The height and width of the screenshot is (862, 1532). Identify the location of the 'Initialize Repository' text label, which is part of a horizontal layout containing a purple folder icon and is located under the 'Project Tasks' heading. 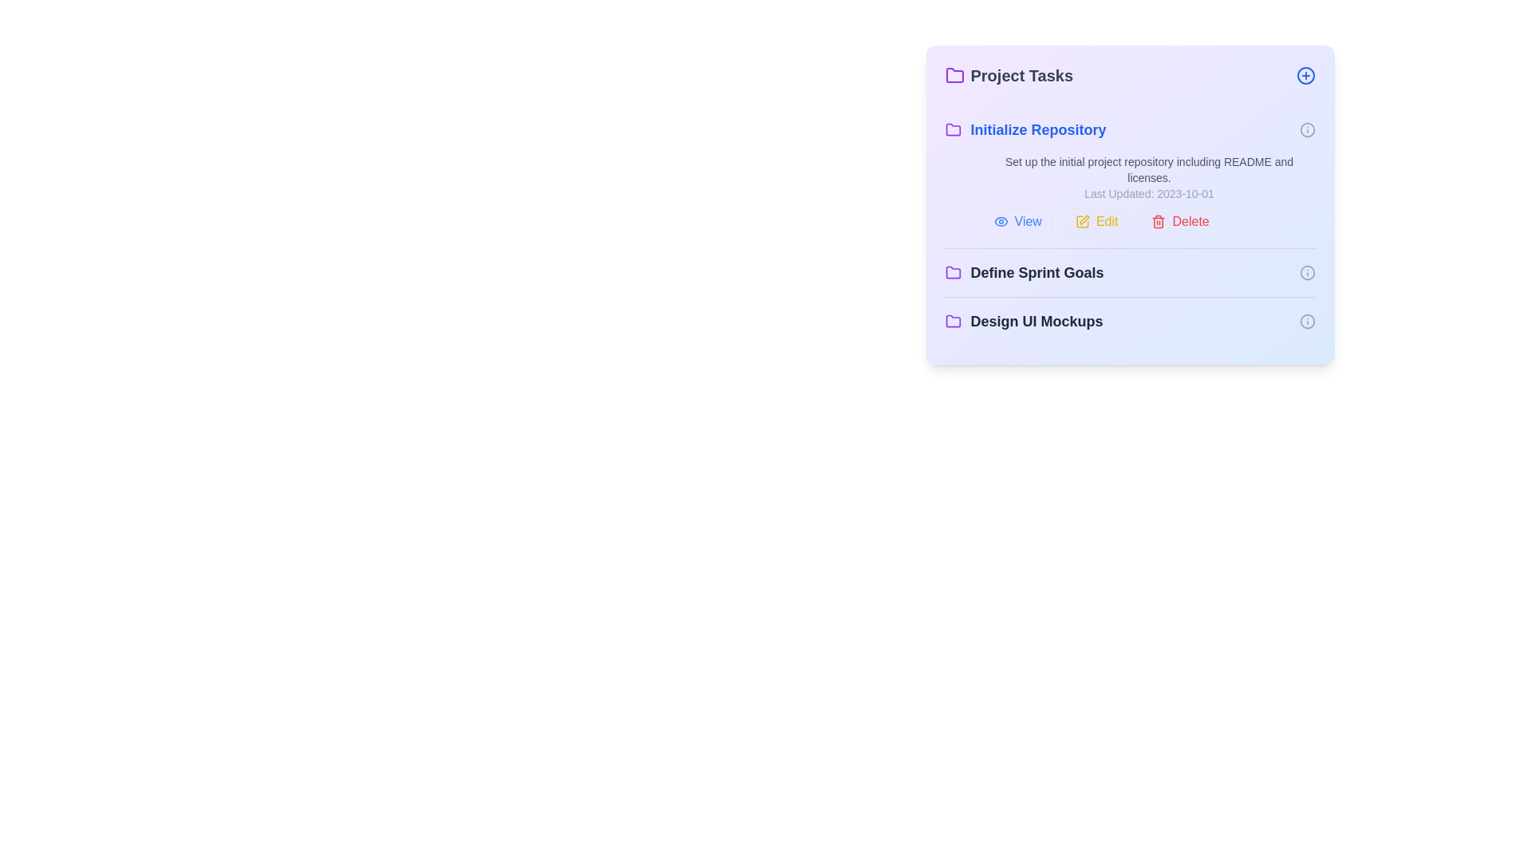
(1038, 129).